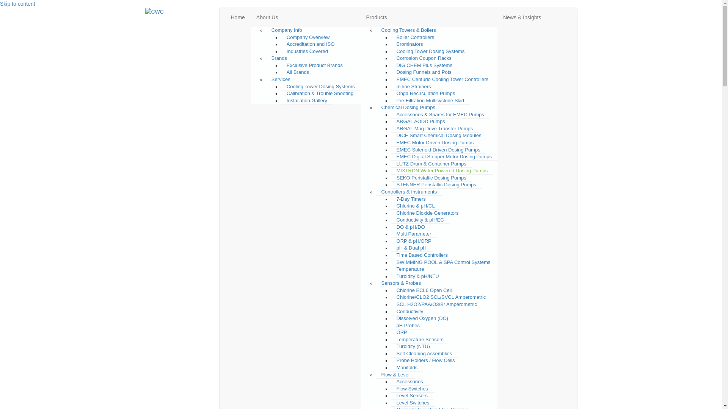  What do you see at coordinates (409, 191) in the screenshot?
I see `'Controllers & Instruments'` at bounding box center [409, 191].